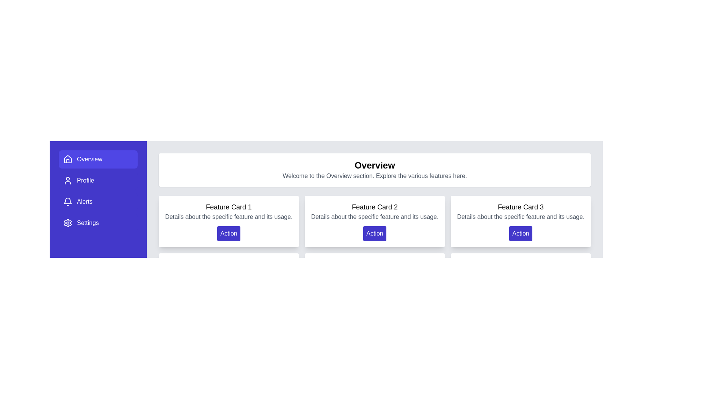  What do you see at coordinates (67, 201) in the screenshot?
I see `the 'Alerts' icon in the sidebar navigation menu, which visually represents the 'Alerts' navigation item and is positioned to the left of the 'Alerts' text` at bounding box center [67, 201].